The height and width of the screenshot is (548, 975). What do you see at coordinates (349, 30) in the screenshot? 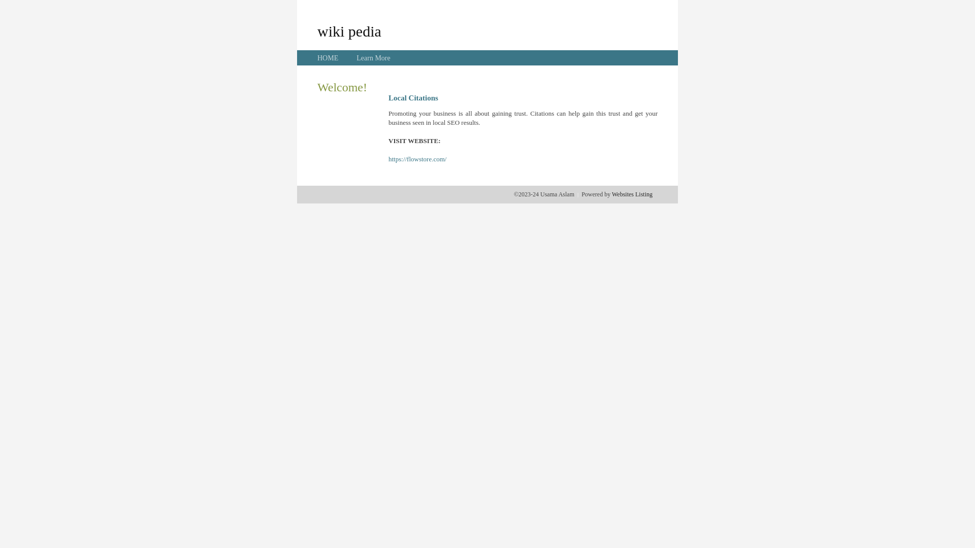
I see `'wiki pedia'` at bounding box center [349, 30].